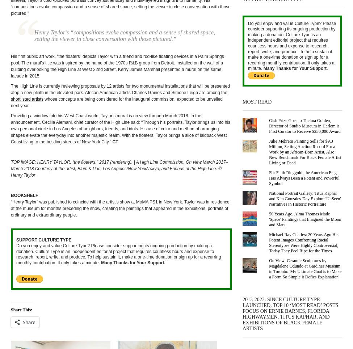 The height and width of the screenshot is (349, 353). I want to click on 'Share This:', so click(11, 309).